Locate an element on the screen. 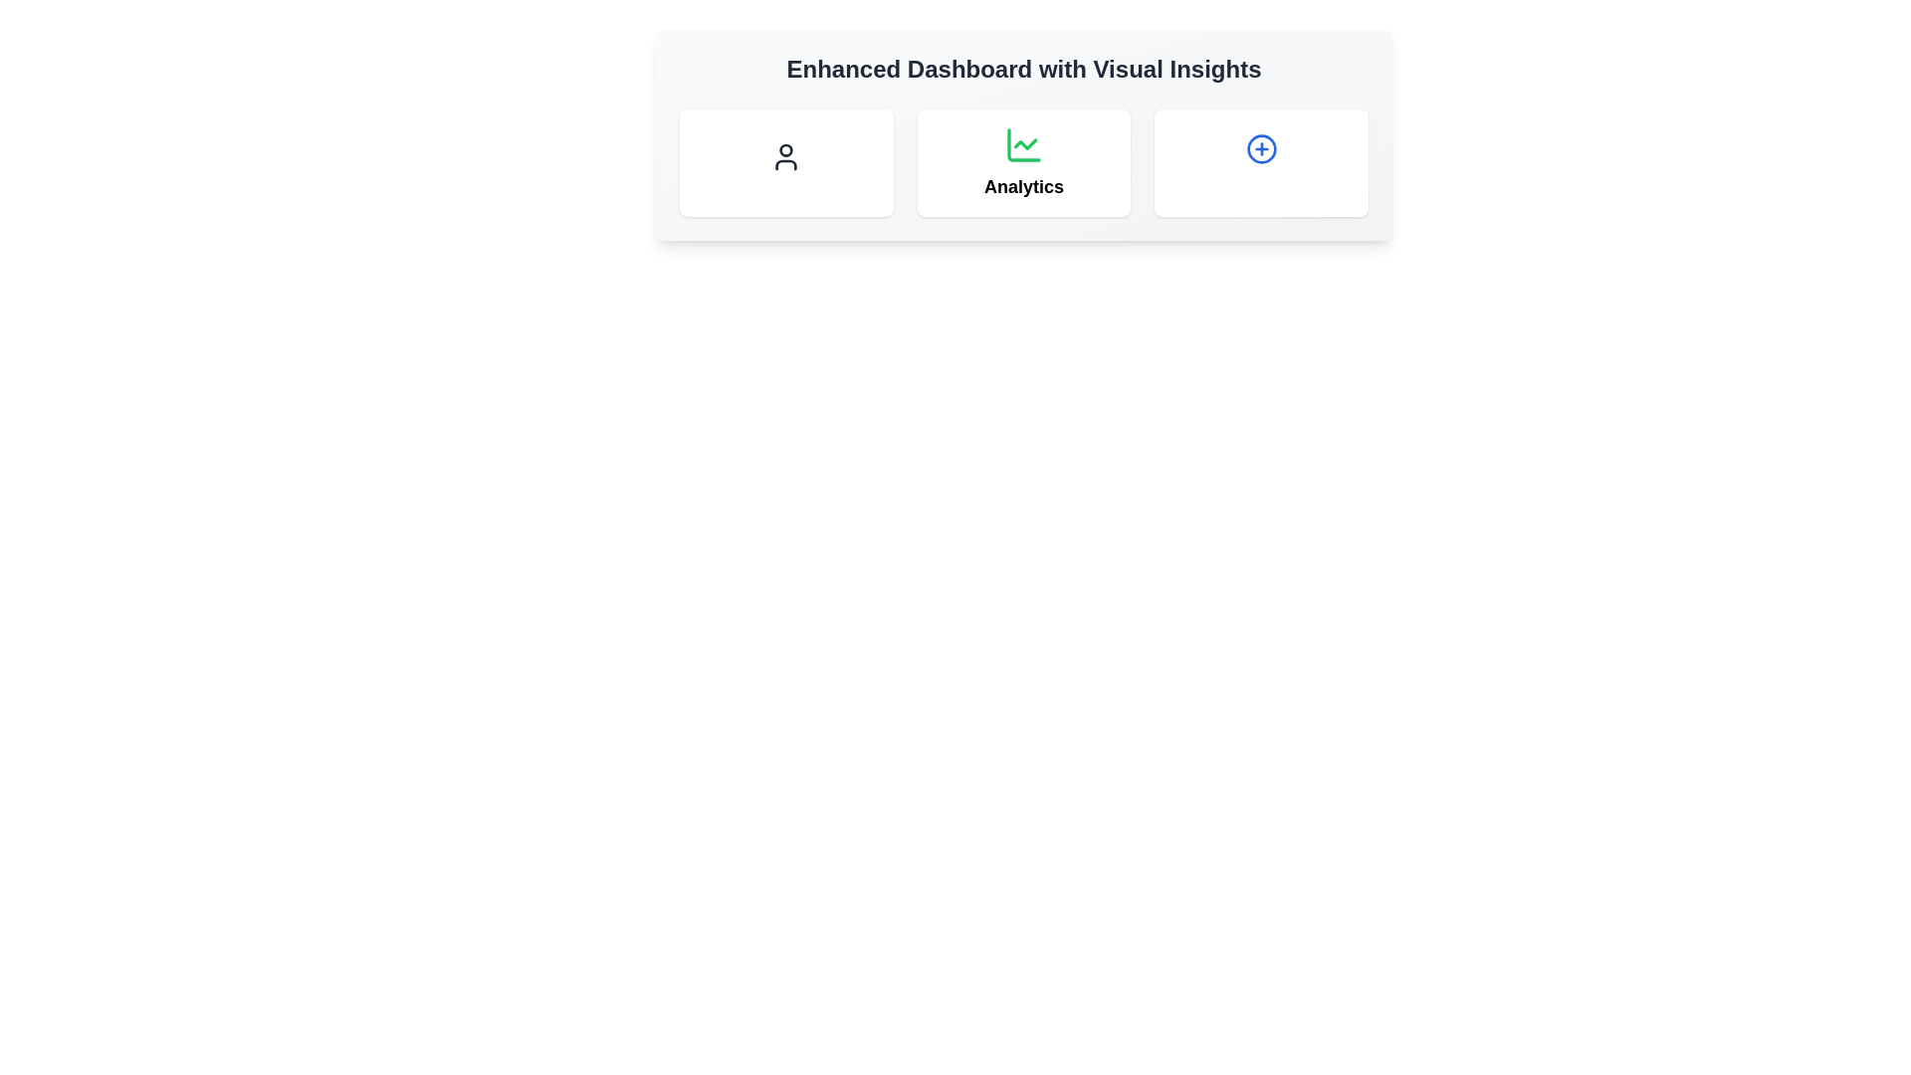 The height and width of the screenshot is (1075, 1911). the button for adding a new item, located at the far right of a three-column grid layout, to enable accessibility navigation is located at coordinates (1260, 162).